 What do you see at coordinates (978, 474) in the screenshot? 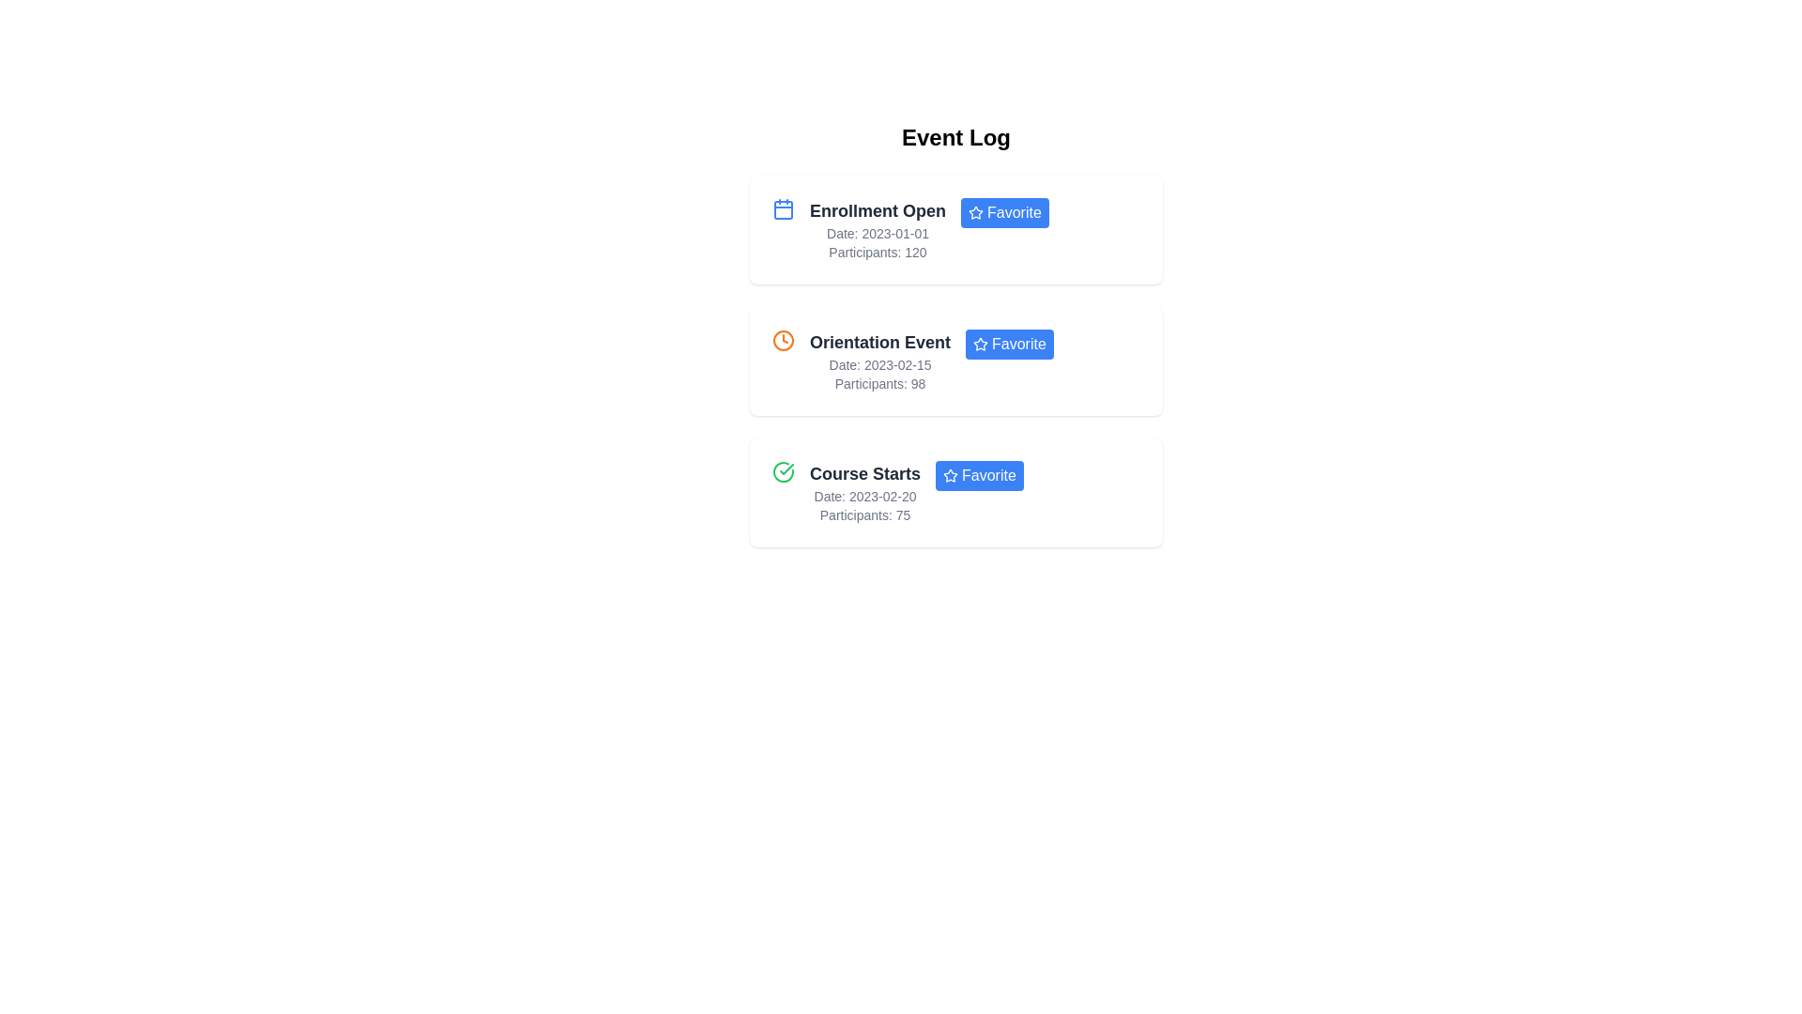
I see `the 'Favorite' button with a blue background and star icon located in the 'Course Starts' section of the 'Event Log'` at bounding box center [978, 474].